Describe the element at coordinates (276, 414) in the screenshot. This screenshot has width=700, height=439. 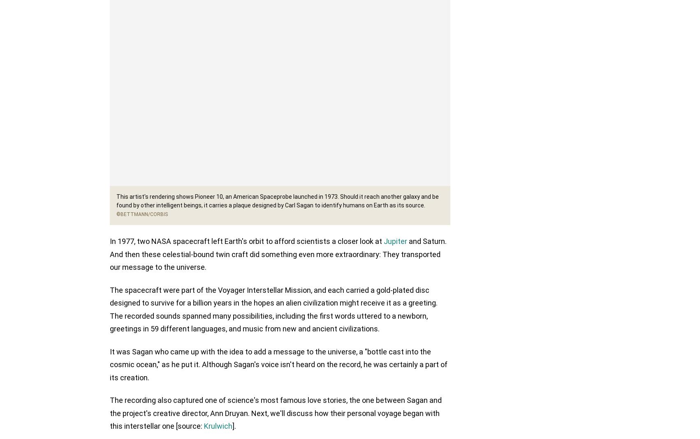
I see `'The recording also captured one of science's most famous love stories, the one between Sagan and the project's creative director, Ann Druyan. Next, we'll discuss how their personal voyage began with this interstellar one [source:'` at that location.